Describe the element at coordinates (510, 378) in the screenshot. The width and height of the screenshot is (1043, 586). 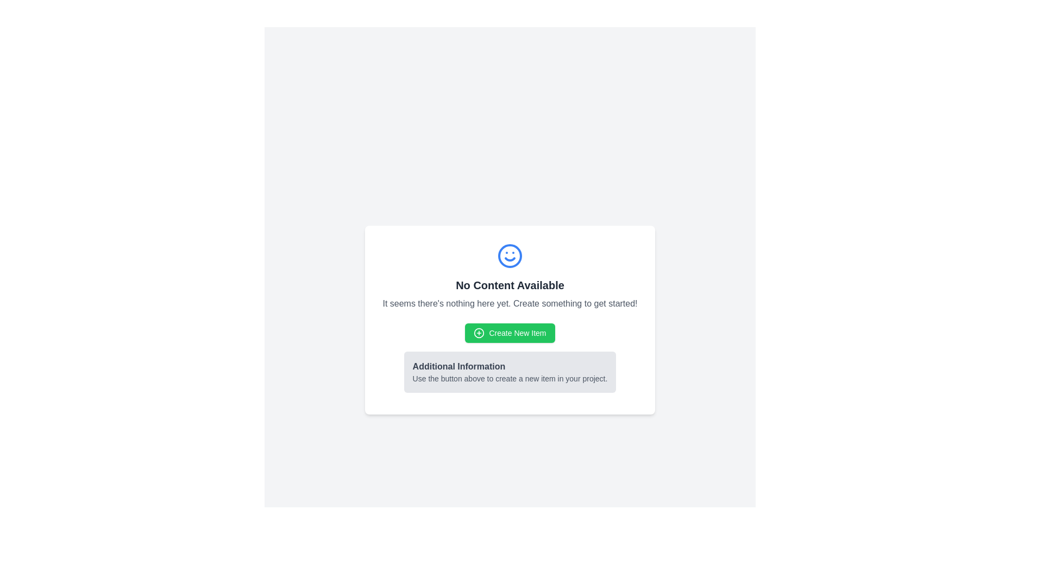
I see `static text element that says 'Use the button above to create a new item in your project.' positioned below the 'Additional Information' section` at that location.